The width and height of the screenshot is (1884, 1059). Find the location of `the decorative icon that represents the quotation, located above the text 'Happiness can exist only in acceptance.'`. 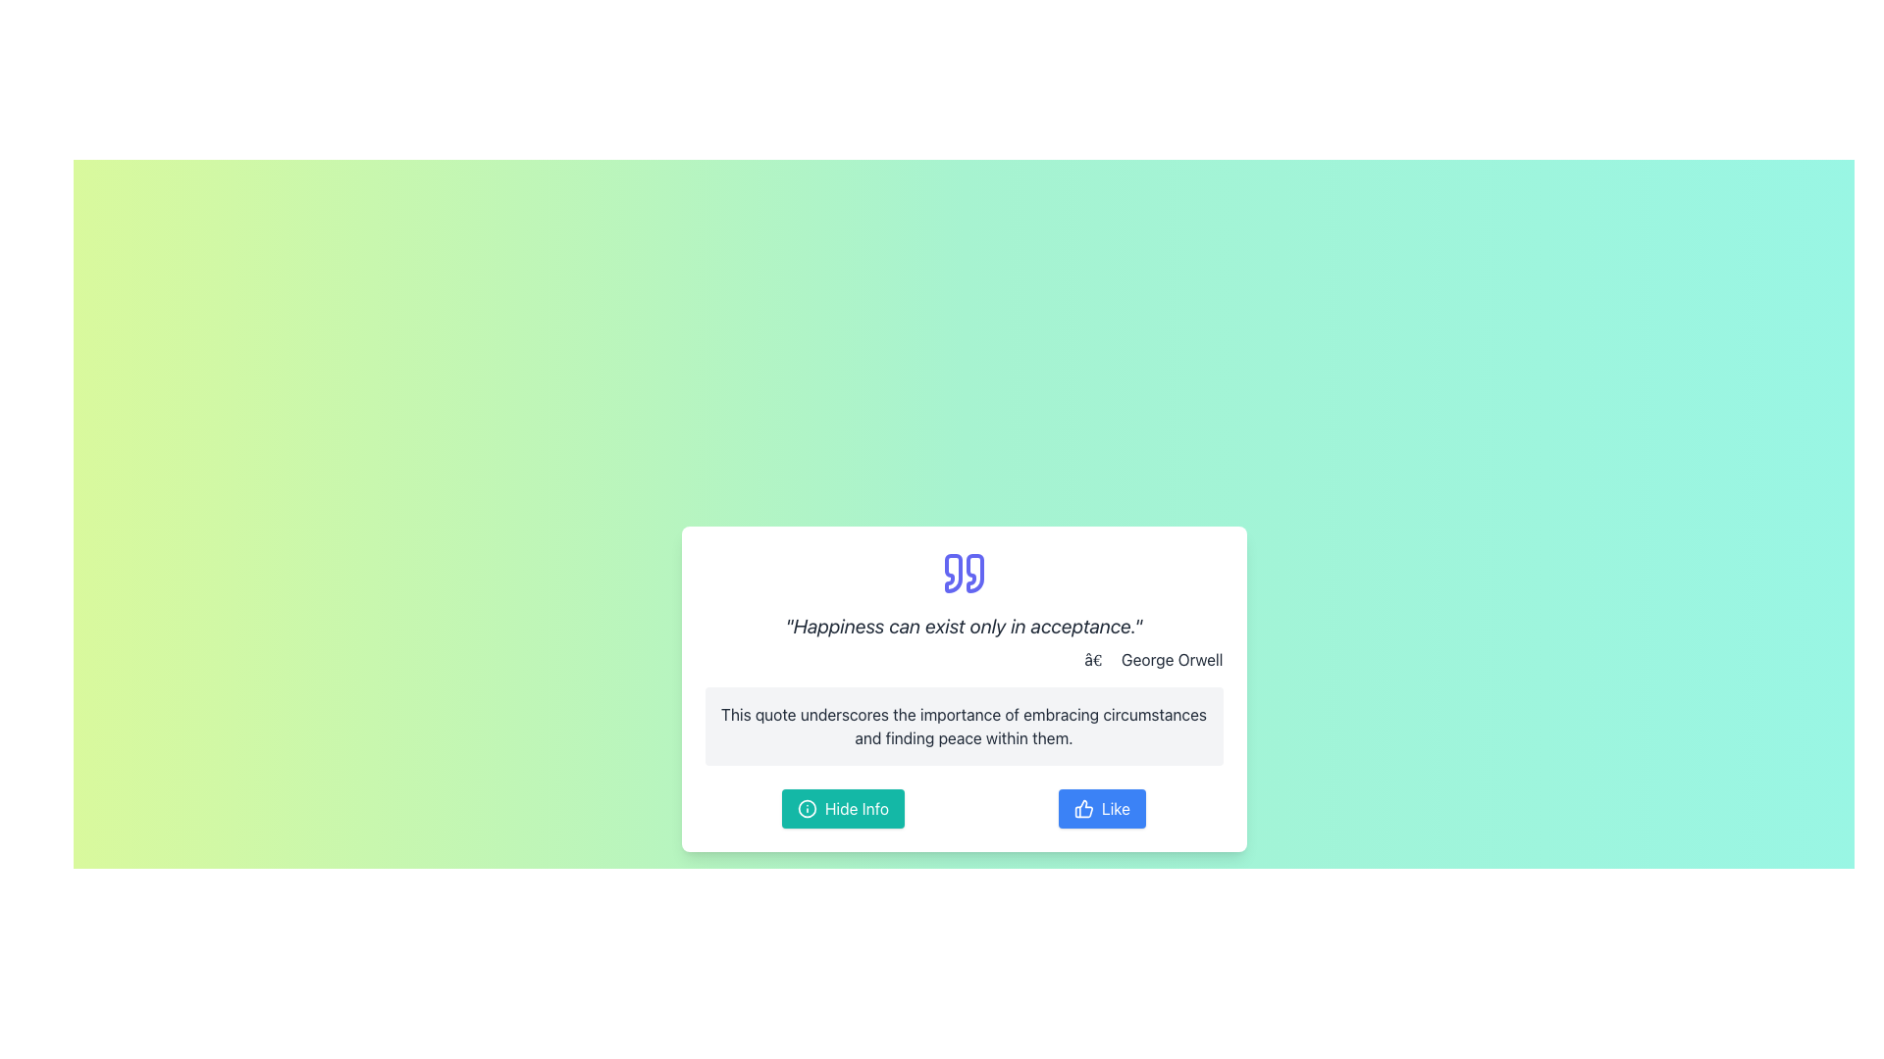

the decorative icon that represents the quotation, located above the text 'Happiness can exist only in acceptance.' is located at coordinates (964, 574).